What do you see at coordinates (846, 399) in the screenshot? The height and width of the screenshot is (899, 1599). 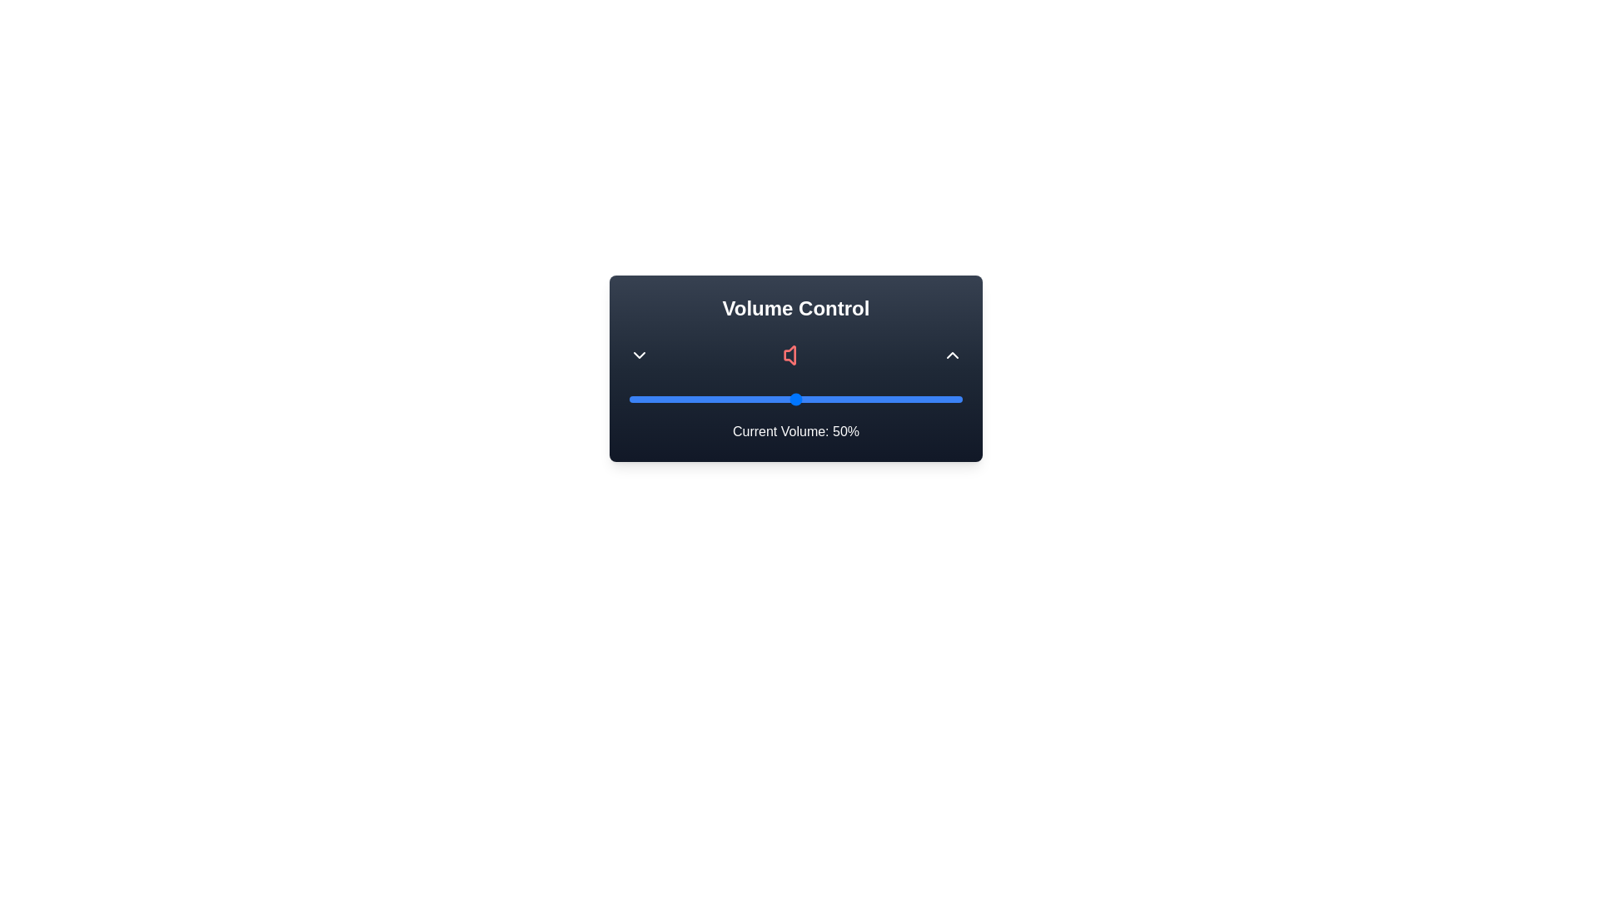 I see `the volume slider to 65%` at bounding box center [846, 399].